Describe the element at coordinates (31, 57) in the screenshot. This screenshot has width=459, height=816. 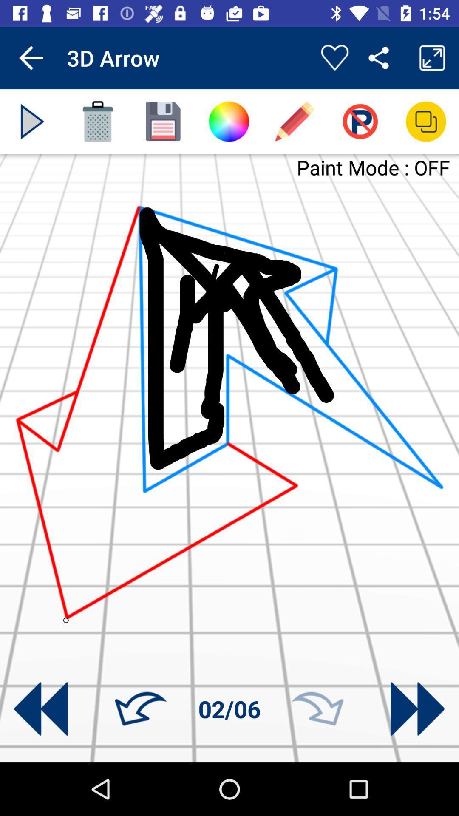
I see `icon next to 3d arrow app` at that location.